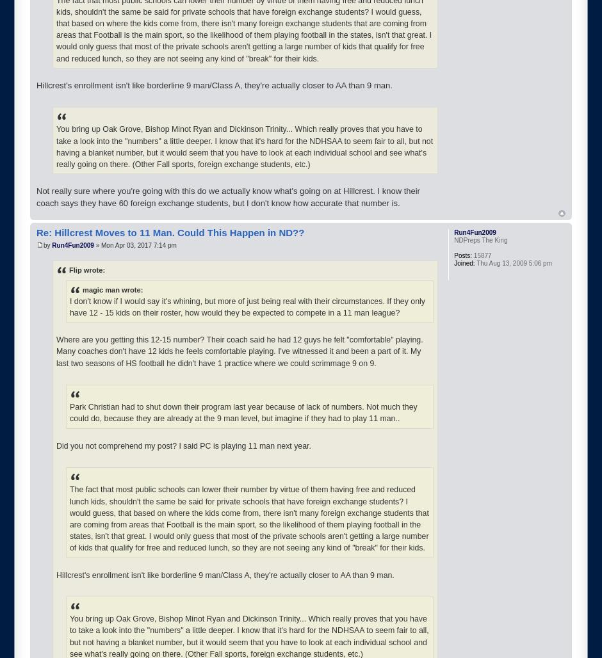 This screenshot has height=658, width=602. Describe the element at coordinates (513, 262) in the screenshot. I see `'Thu Aug 13, 2009 5:06 pm'` at that location.